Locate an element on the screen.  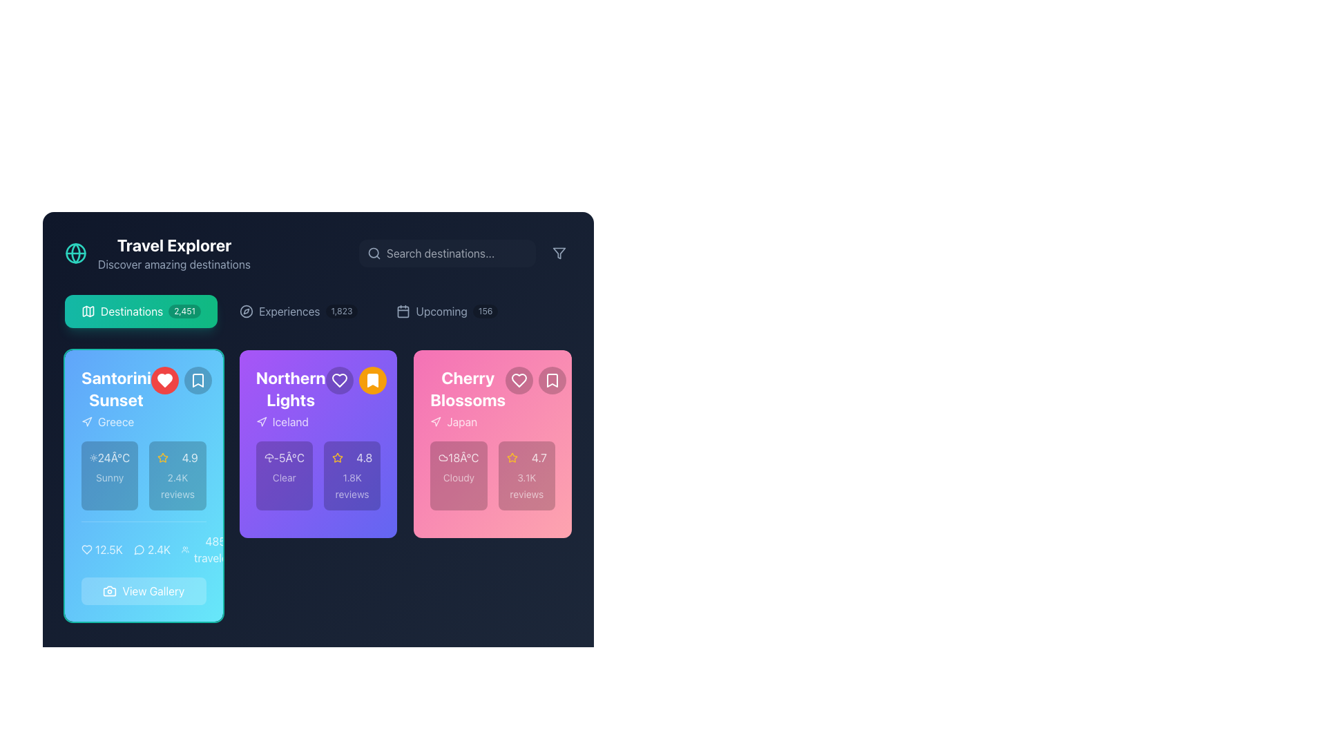
the bookmark icon in the top-right corner of the 'Cherry Blossoms, Japan' card is located at coordinates (552, 381).